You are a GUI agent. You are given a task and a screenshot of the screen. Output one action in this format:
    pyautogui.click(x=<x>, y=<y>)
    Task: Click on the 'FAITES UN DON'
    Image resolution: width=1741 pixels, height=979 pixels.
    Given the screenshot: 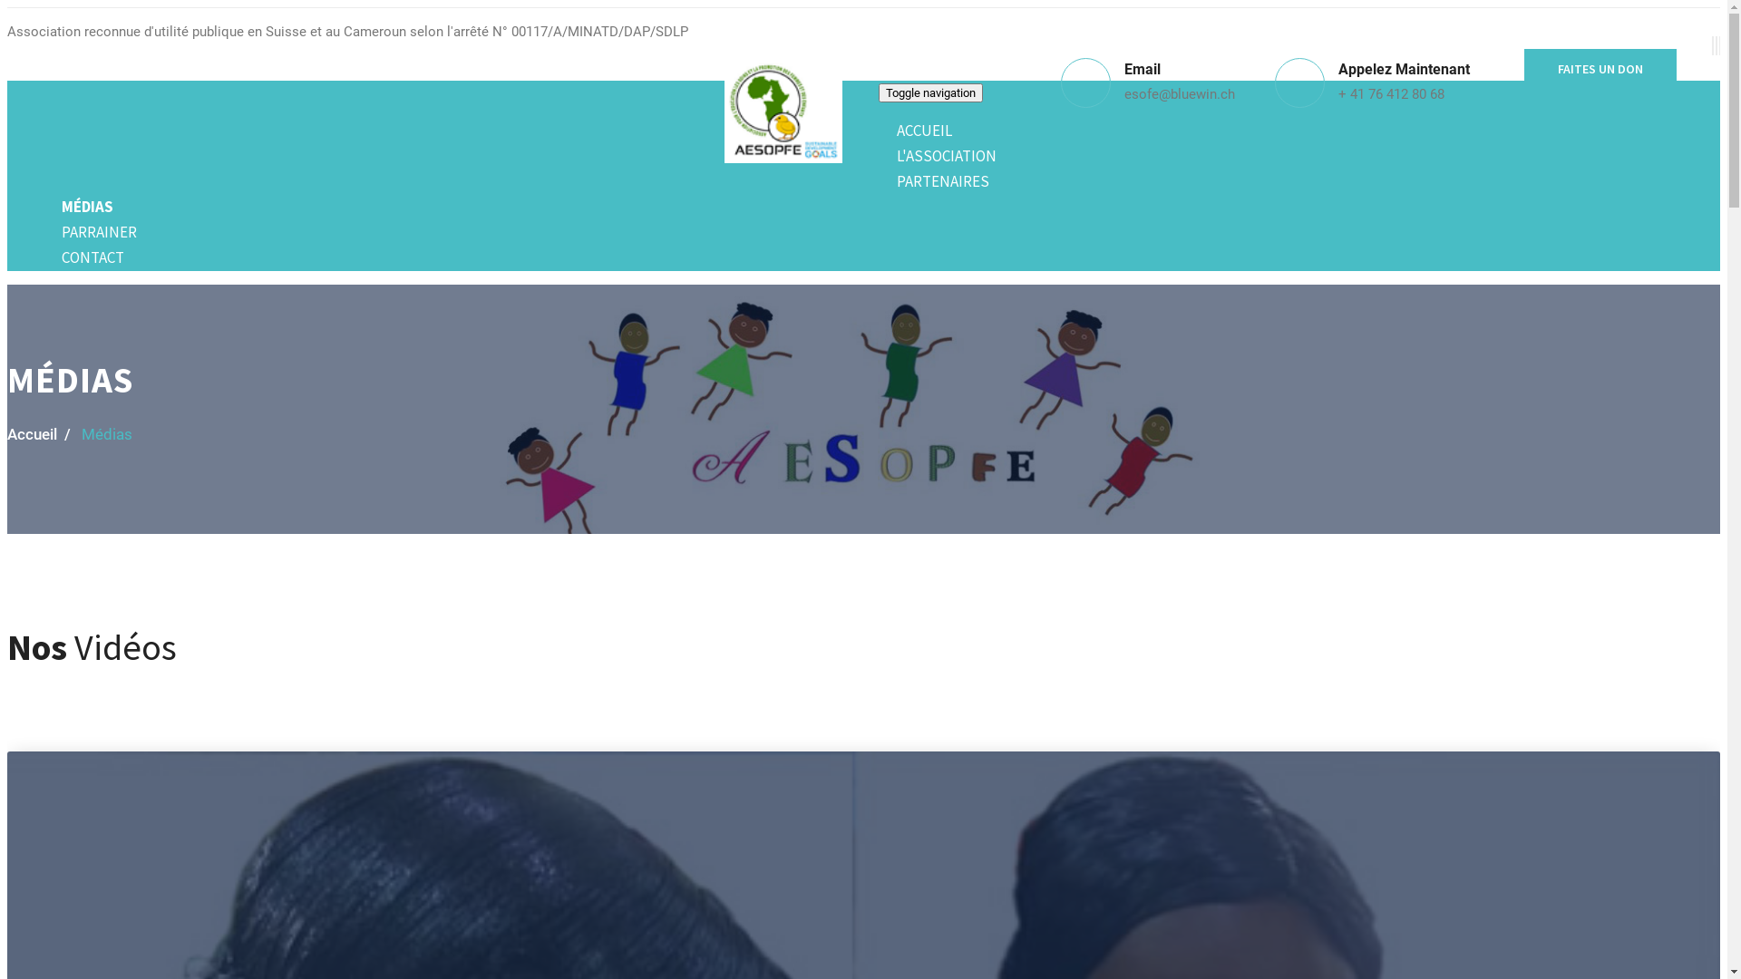 What is the action you would take?
    pyautogui.click(x=1600, y=68)
    